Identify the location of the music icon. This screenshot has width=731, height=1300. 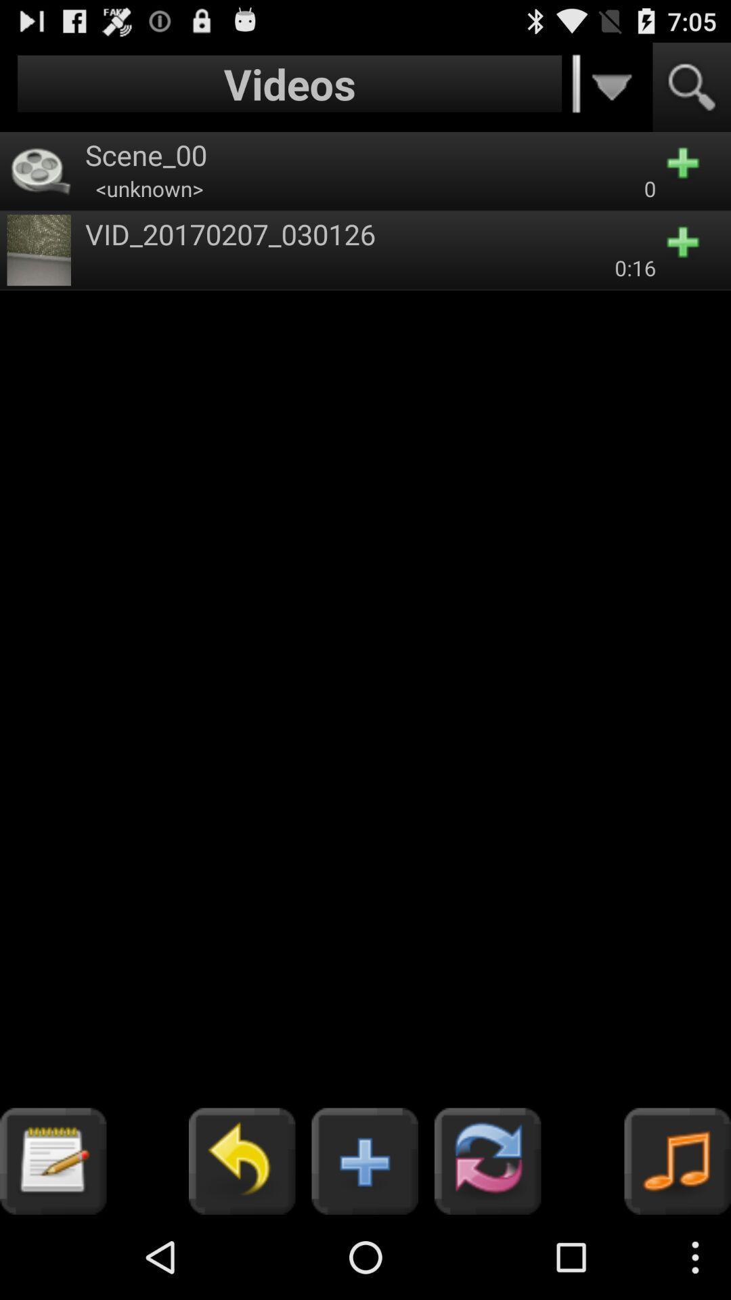
(678, 1242).